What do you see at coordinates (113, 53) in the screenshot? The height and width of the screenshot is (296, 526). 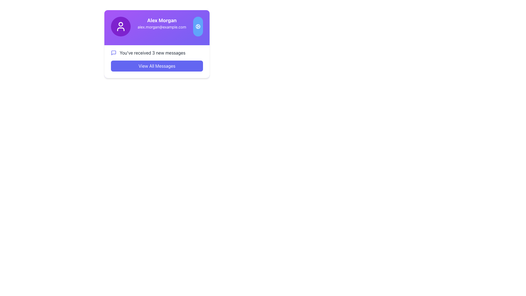 I see `the SVG icon indicating new messages located to the left of the text 'You've received 3 new messages'` at bounding box center [113, 53].